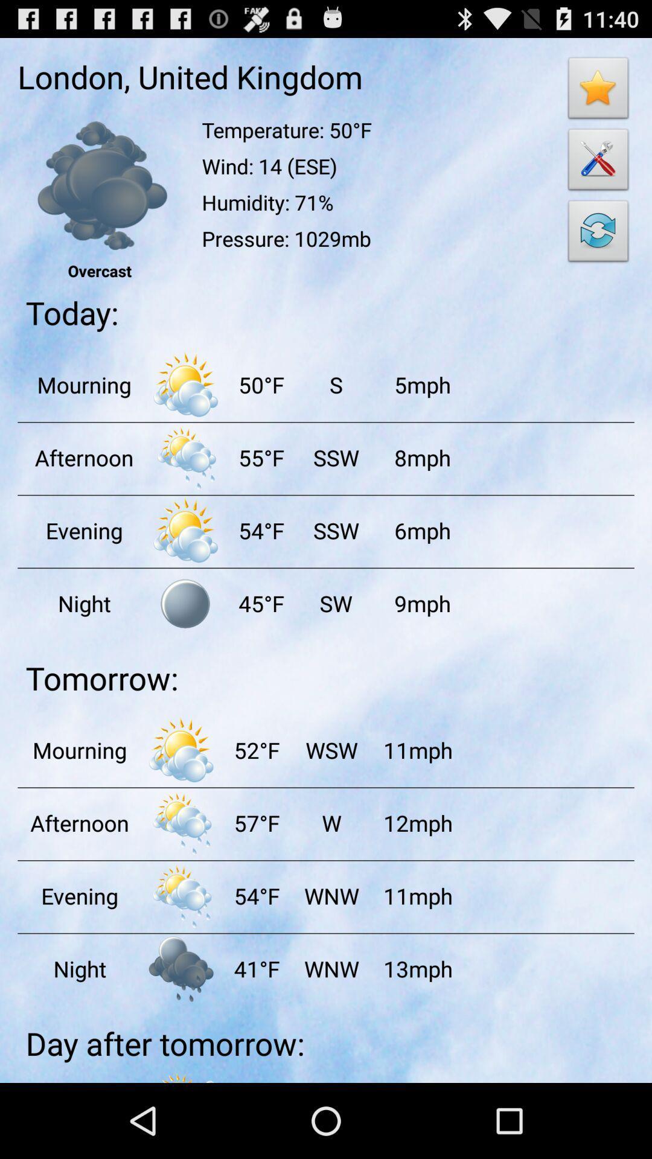  I want to click on item above the today: app, so click(598, 234).